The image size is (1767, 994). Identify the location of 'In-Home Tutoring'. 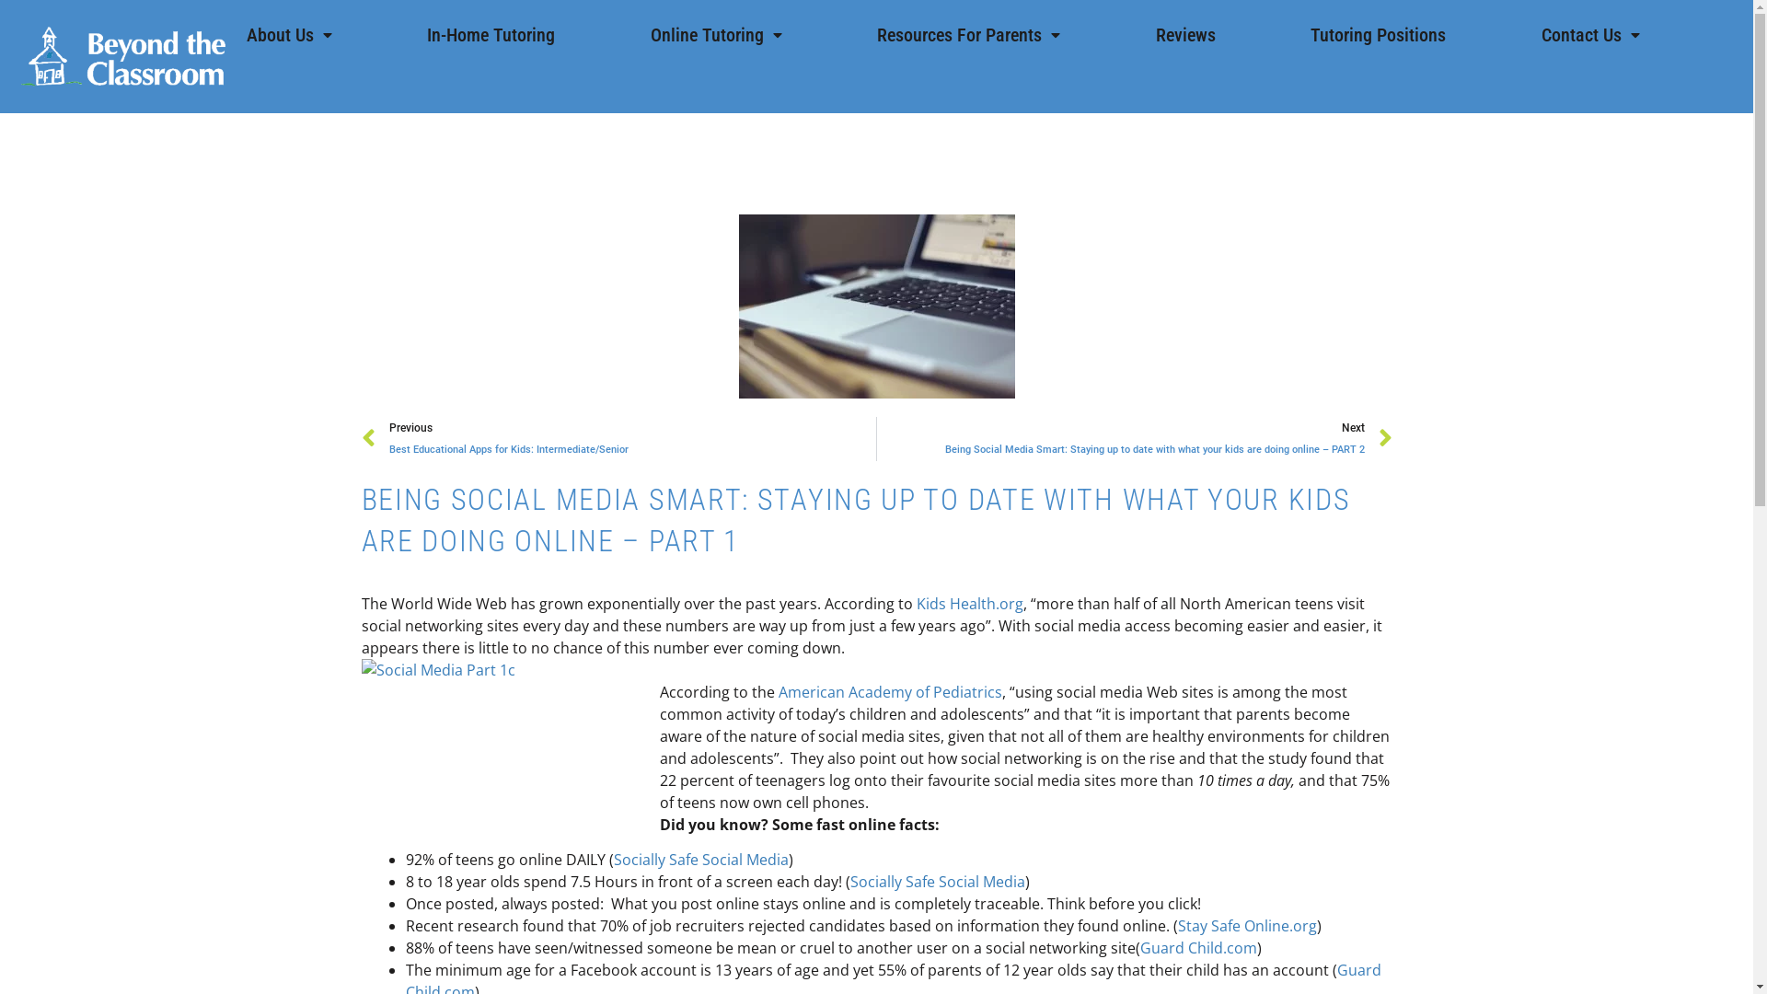
(491, 35).